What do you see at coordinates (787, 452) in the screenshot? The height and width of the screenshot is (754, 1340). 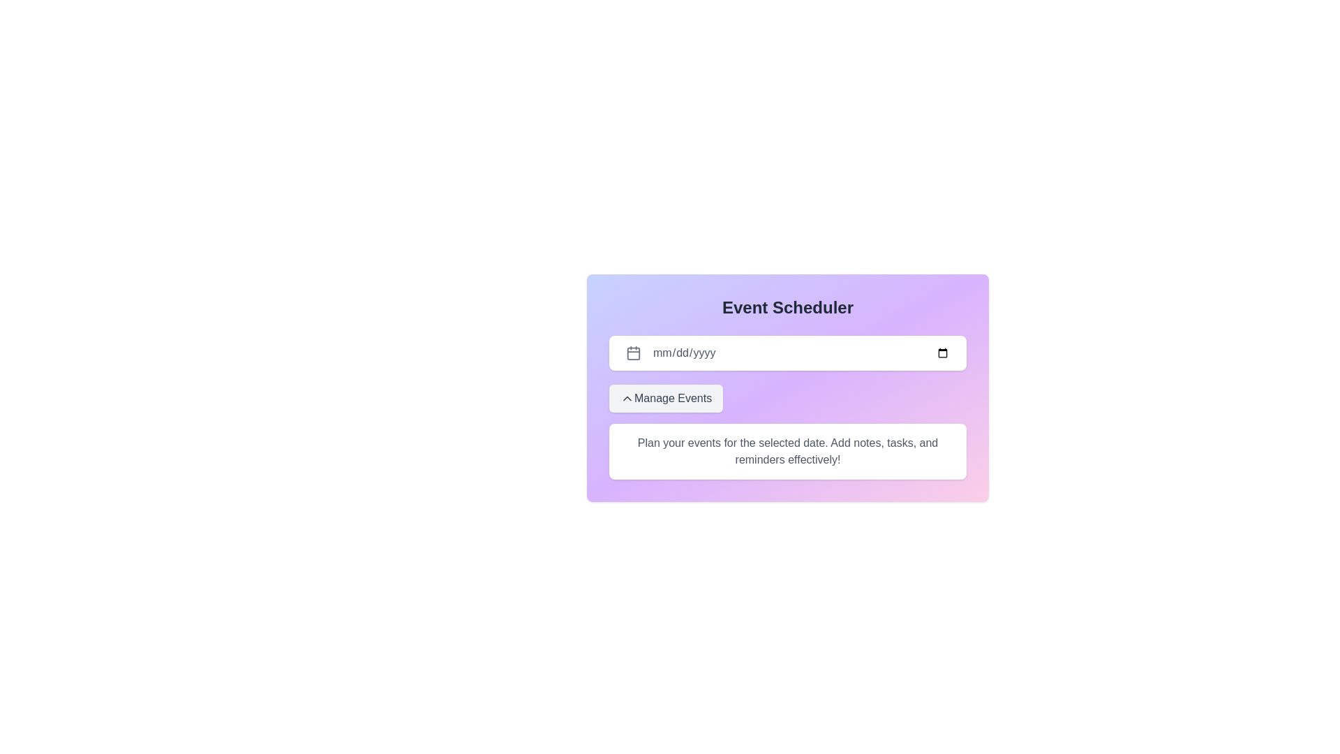 I see `the Informational text box which is a white rounded rectangle containing the text 'Plan your events for the selected date. Add notes, tasks, and reminders effectively!'` at bounding box center [787, 452].